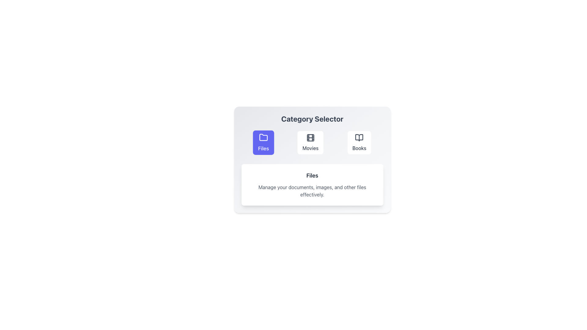 This screenshot has width=587, height=330. I want to click on the 'Files' text label, which is styled with a medium font weight and located within a purple button, so click(263, 148).